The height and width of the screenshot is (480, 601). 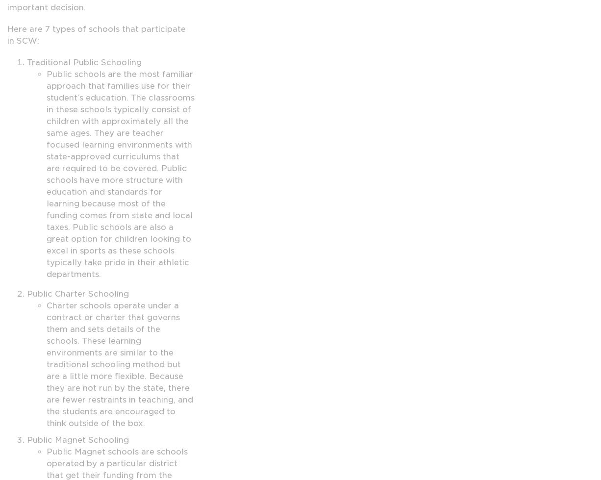 I want to click on 'Behavioral Health', so click(x=35, y=446).